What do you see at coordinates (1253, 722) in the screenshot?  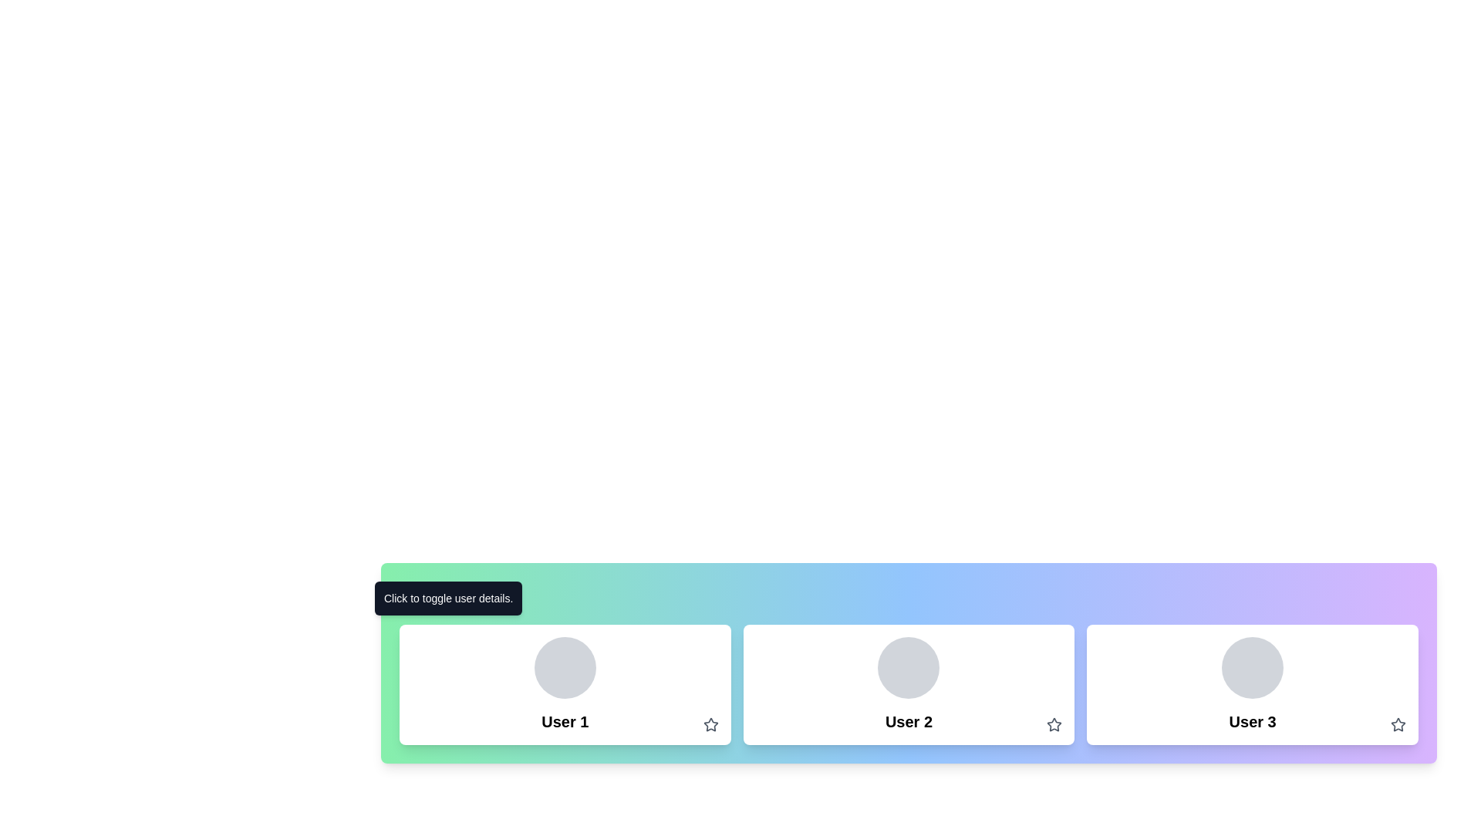 I see `the text label displaying the username or designation of the user in the third card from the left, which is positioned below the circular avatar element` at bounding box center [1253, 722].